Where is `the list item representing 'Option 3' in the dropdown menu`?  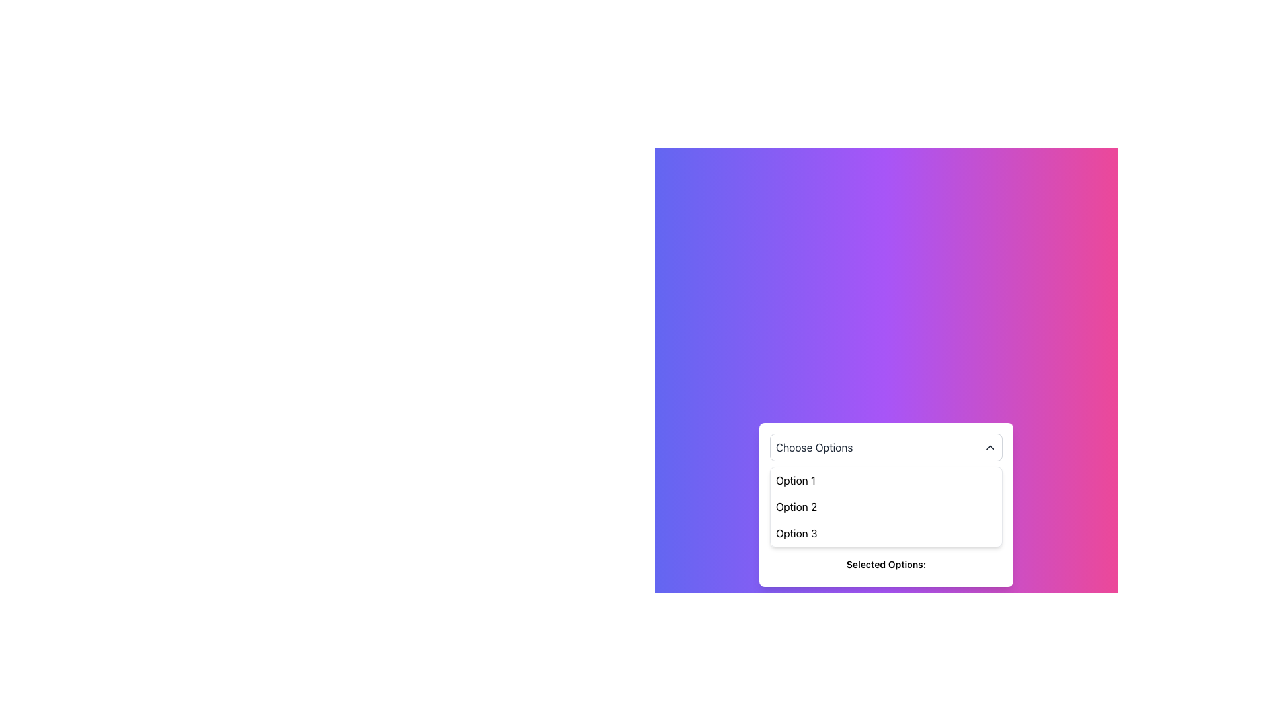
the list item representing 'Option 3' in the dropdown menu is located at coordinates (886, 532).